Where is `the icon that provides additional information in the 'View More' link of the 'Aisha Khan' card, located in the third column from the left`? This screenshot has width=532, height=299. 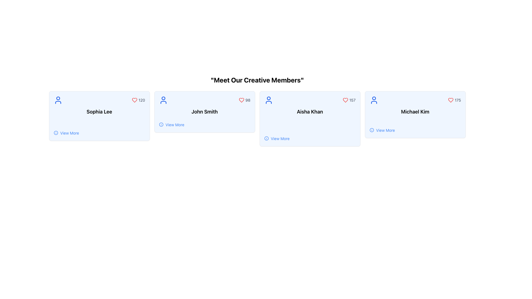
the icon that provides additional information in the 'View More' link of the 'Aisha Khan' card, located in the third column from the left is located at coordinates (266, 138).